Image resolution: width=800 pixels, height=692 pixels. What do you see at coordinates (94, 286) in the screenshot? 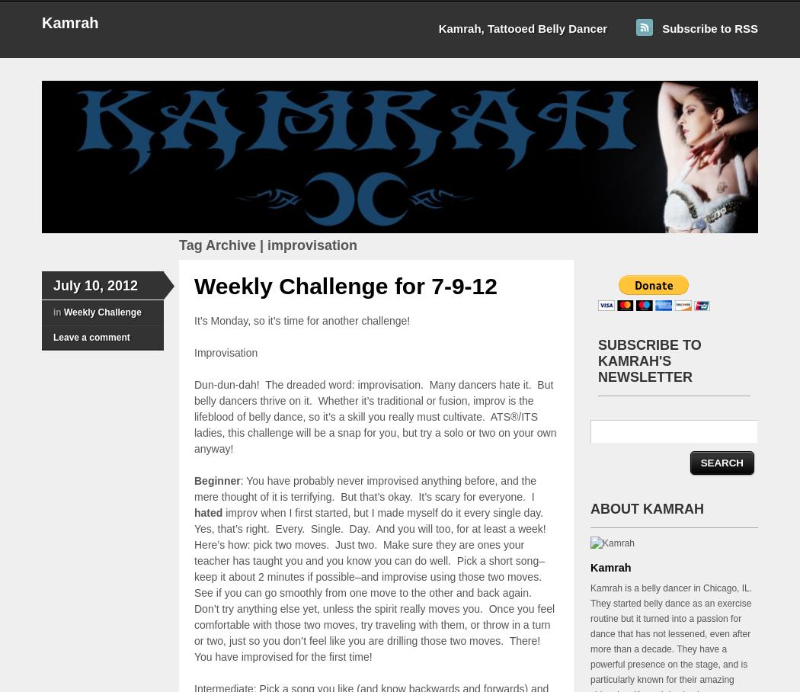
I see `'July 10, 2012'` at bounding box center [94, 286].